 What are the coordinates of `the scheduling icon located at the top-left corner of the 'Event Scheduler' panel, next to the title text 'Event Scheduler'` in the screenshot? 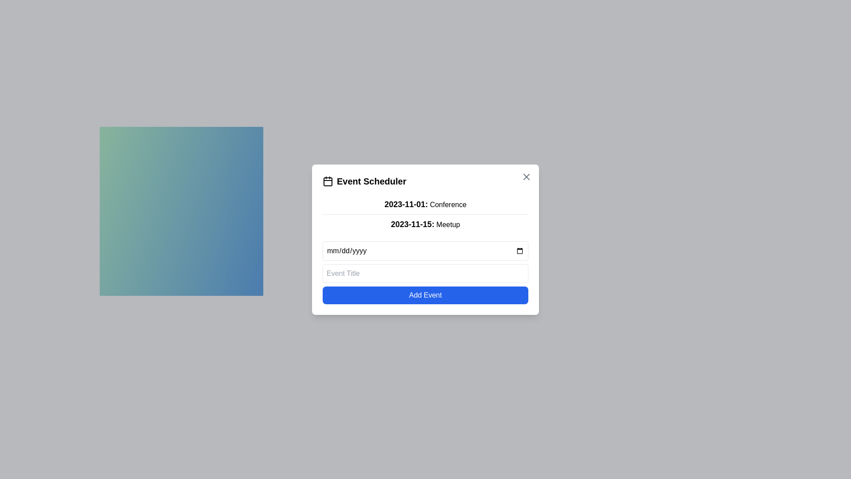 It's located at (327, 181).